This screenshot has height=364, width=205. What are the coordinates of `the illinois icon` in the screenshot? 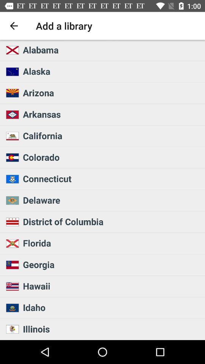 It's located at (111, 328).